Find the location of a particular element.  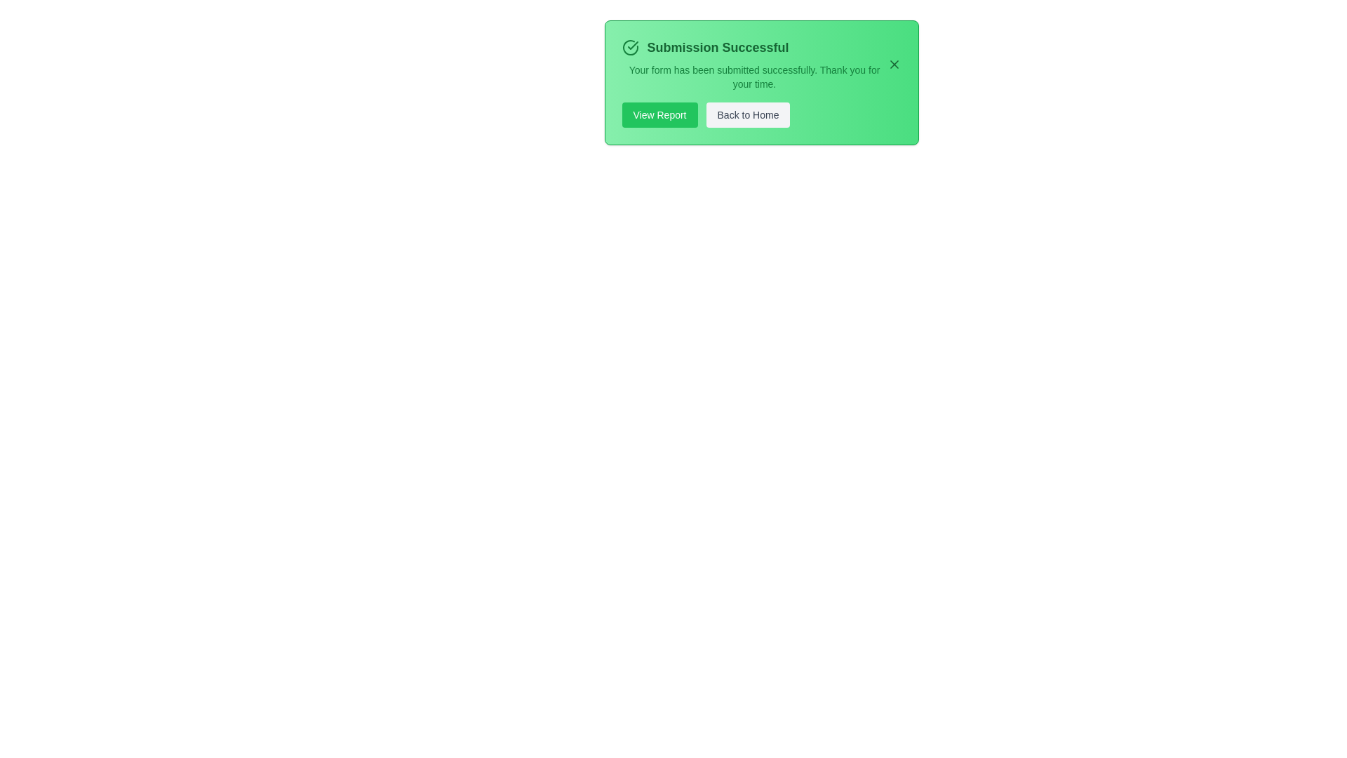

the close button to dismiss the alert is located at coordinates (893, 65).